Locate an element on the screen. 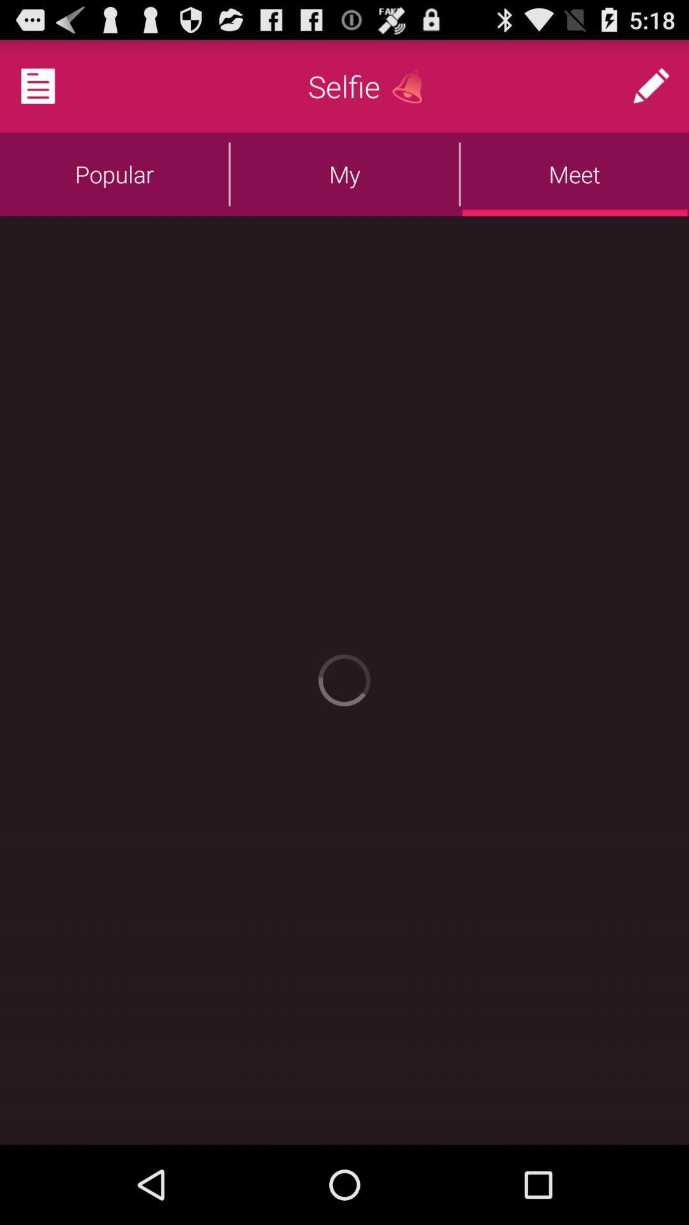 The height and width of the screenshot is (1225, 689). this button allows you to see the menu is located at coordinates (53, 85).